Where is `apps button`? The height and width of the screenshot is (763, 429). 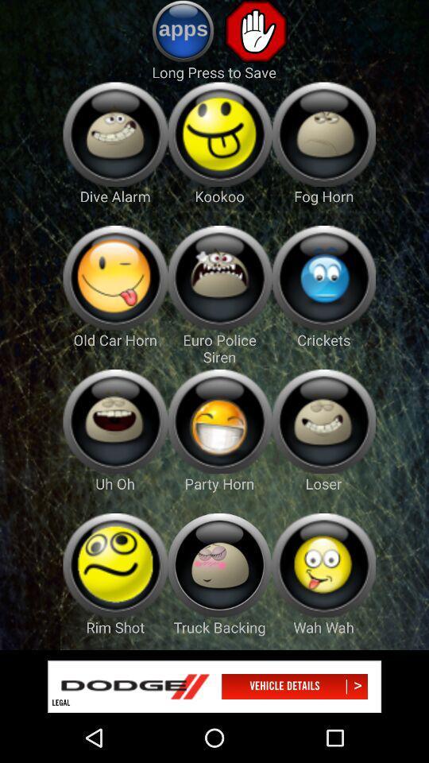 apps button is located at coordinates (182, 30).